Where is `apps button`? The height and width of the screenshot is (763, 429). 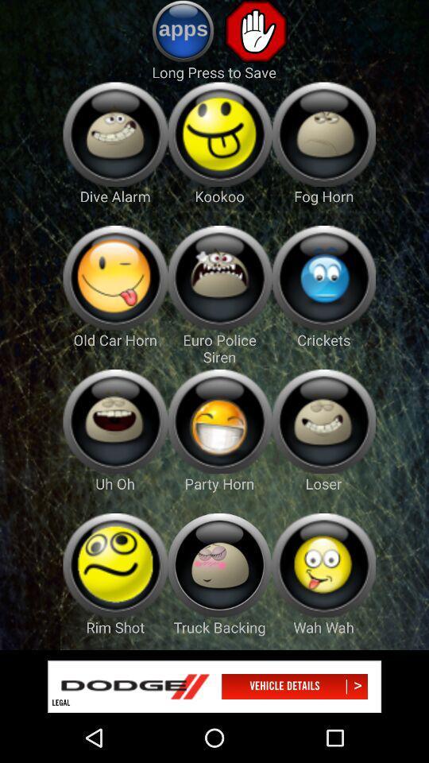 apps button is located at coordinates (182, 30).